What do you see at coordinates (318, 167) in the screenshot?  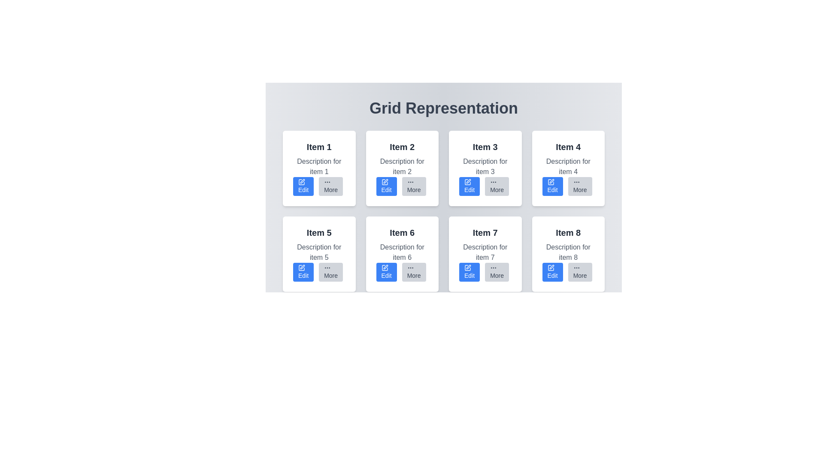 I see `the text label that reads 'Description for item 1', which is styled in a smaller font size and muted gray color, located within the first item card below the title 'Item 1'` at bounding box center [318, 167].